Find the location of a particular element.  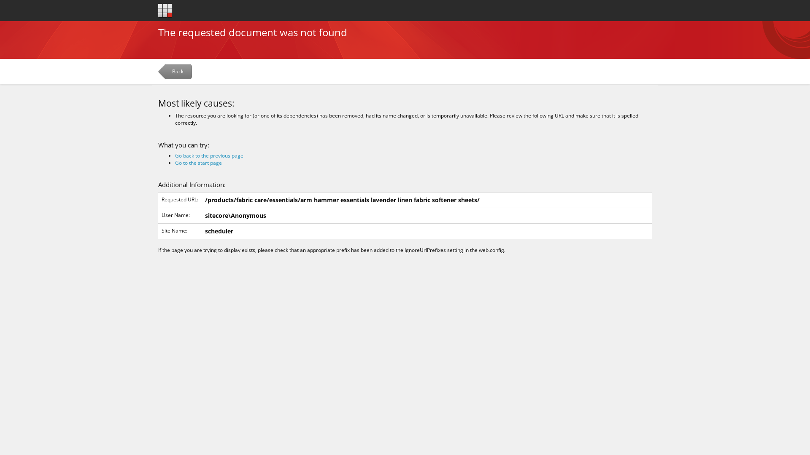

'Go to the start page' is located at coordinates (198, 163).